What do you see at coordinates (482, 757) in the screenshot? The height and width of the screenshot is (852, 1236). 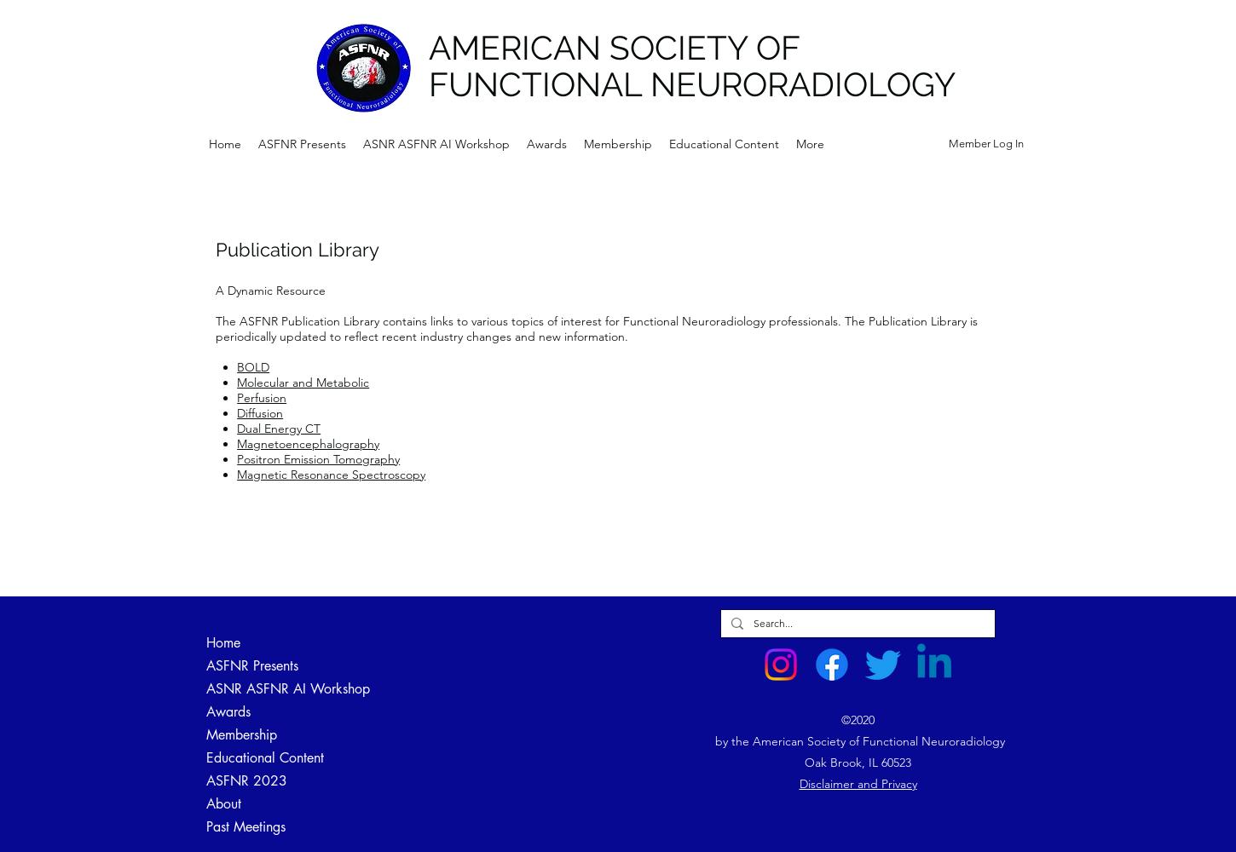 I see `'Video Library'` at bounding box center [482, 757].